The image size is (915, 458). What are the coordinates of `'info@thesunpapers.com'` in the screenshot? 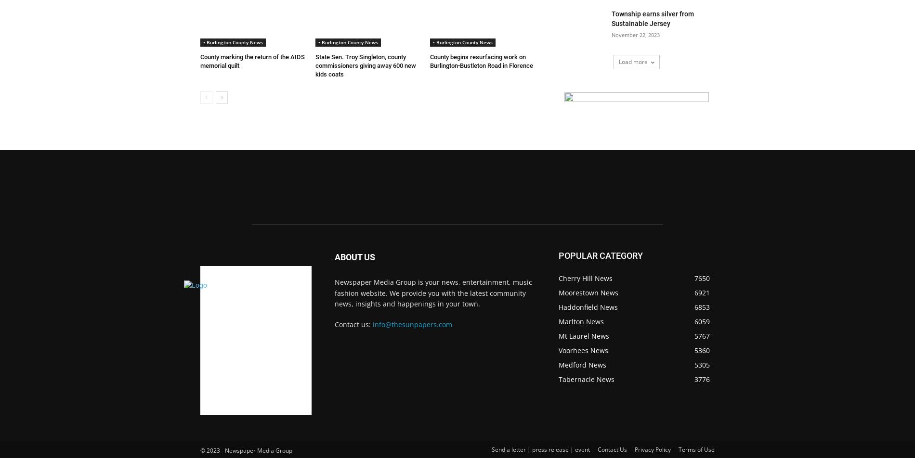 It's located at (412, 324).